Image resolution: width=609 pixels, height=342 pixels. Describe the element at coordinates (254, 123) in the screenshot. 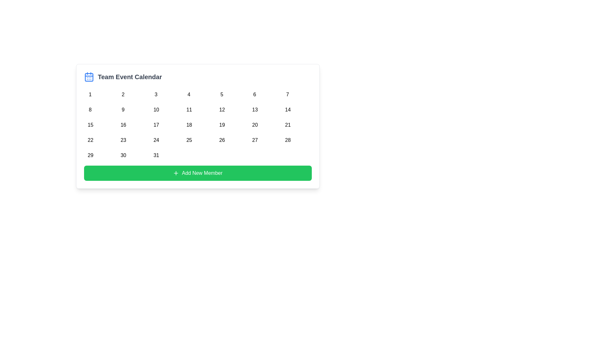

I see `the button representing the 20th day in the calendar interface` at that location.